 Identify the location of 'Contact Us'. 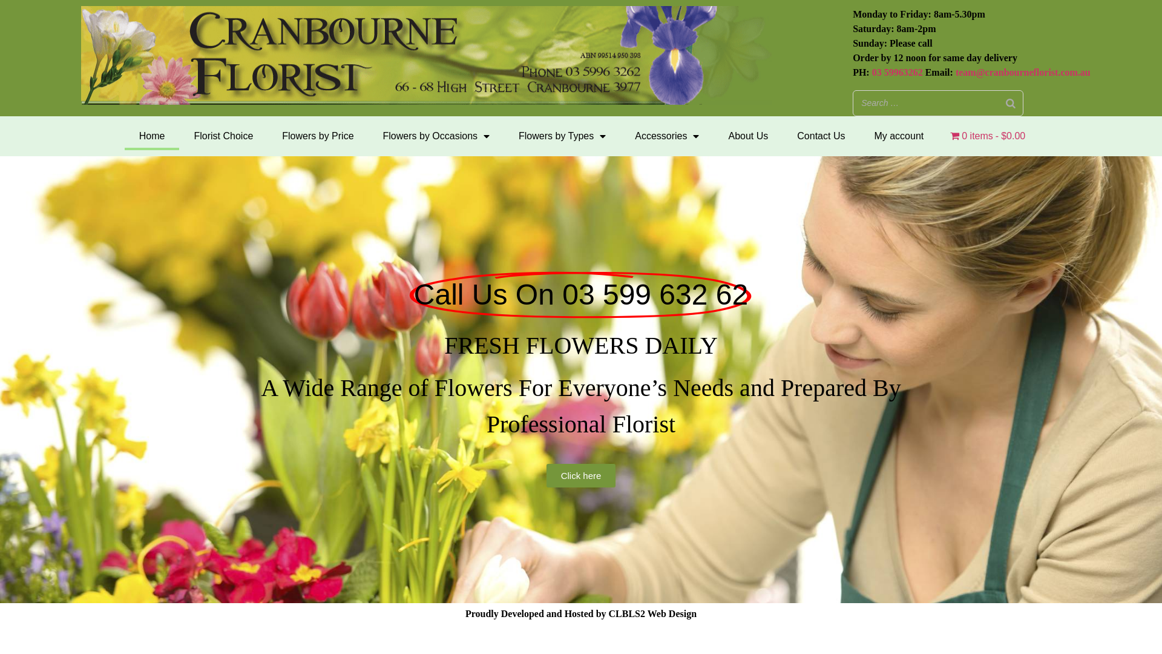
(782, 136).